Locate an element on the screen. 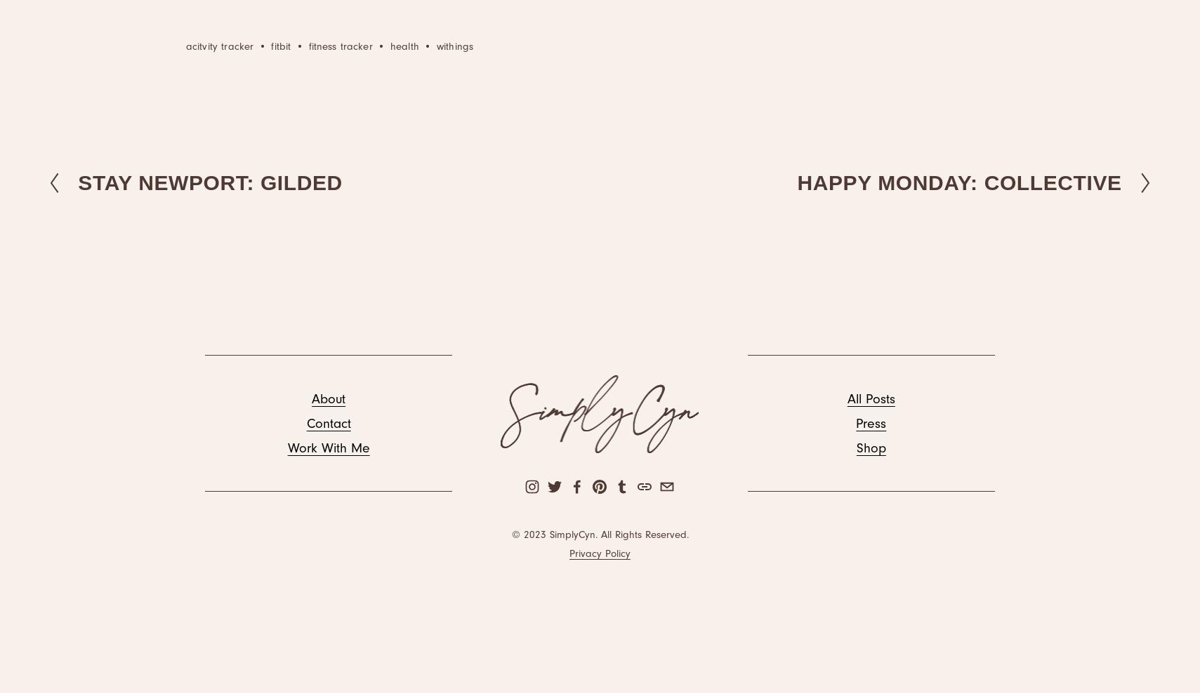 Image resolution: width=1200 pixels, height=693 pixels. 'All Posts' is located at coordinates (871, 398).